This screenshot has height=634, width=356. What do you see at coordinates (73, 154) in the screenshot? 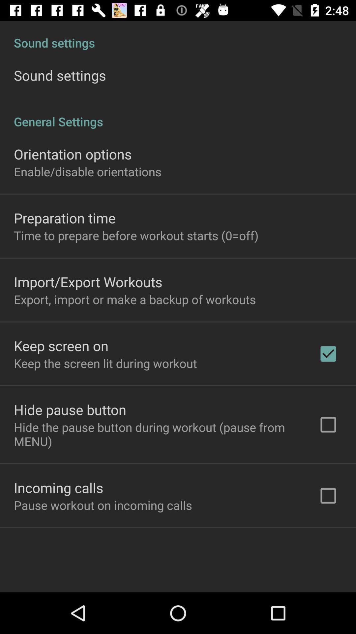
I see `orientation options item` at bounding box center [73, 154].